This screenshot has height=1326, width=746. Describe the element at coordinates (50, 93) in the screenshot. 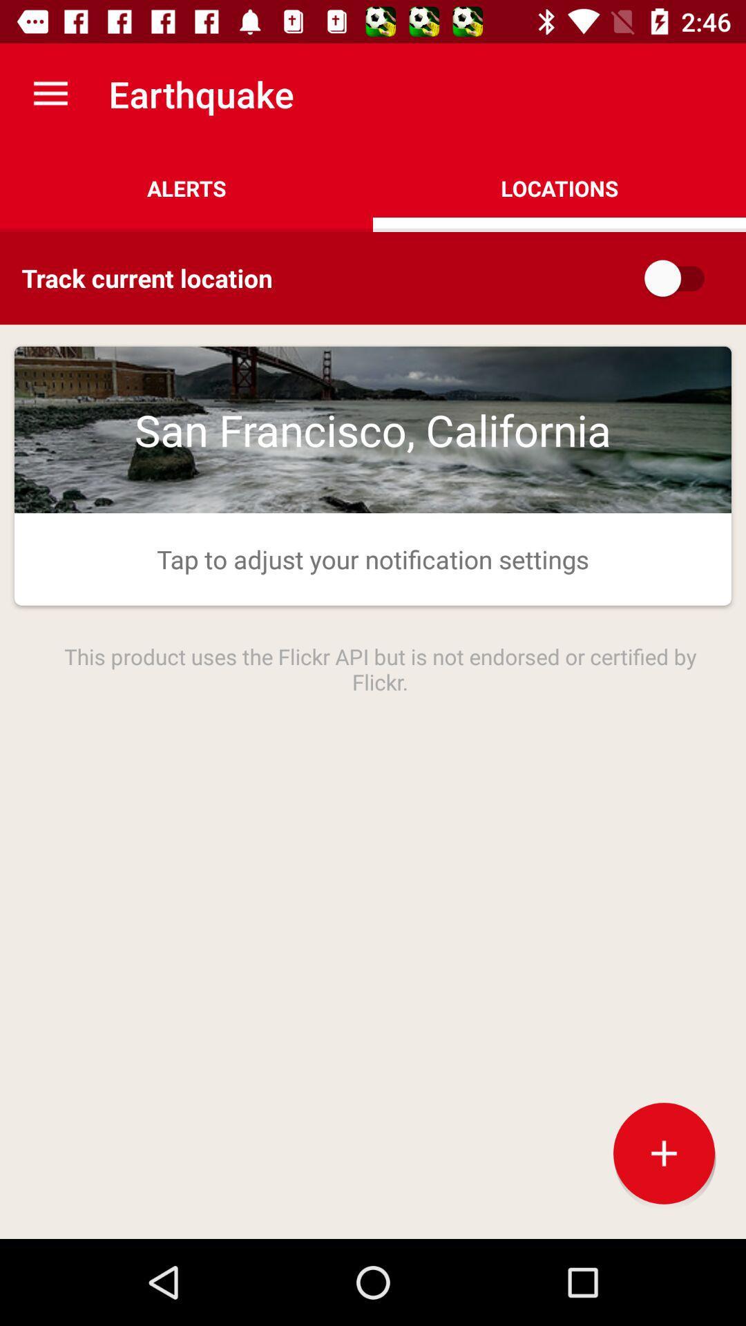

I see `the item to the left of the earthquake item` at that location.